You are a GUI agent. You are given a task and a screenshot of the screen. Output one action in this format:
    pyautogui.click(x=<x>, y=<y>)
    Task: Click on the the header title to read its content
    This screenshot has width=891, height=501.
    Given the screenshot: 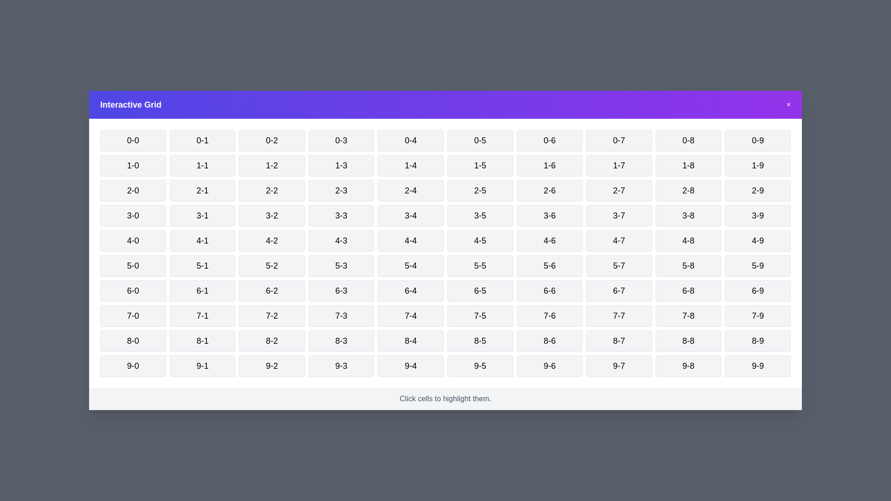 What is the action you would take?
    pyautogui.click(x=130, y=104)
    